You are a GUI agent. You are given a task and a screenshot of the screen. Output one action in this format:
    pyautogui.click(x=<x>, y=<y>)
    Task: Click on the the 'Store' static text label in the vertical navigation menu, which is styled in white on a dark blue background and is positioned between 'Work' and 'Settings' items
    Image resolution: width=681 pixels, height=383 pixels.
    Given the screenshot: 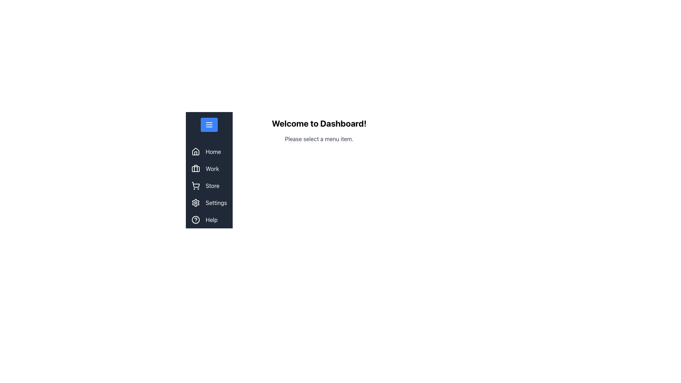 What is the action you would take?
    pyautogui.click(x=212, y=185)
    